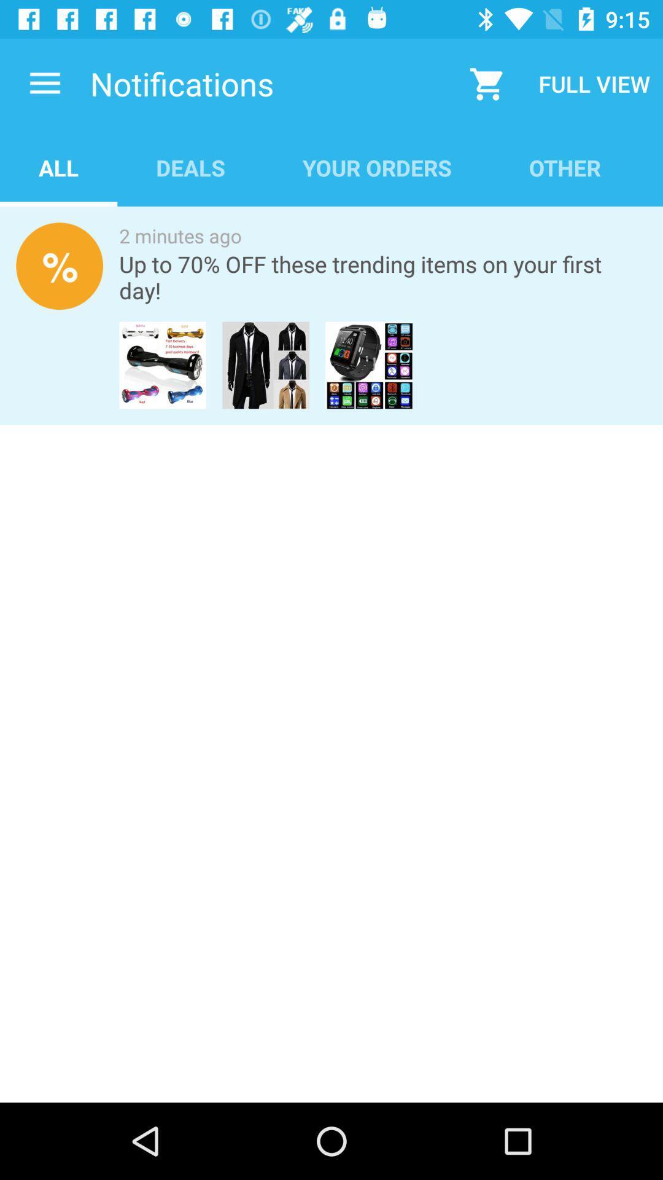 The height and width of the screenshot is (1180, 663). What do you see at coordinates (180, 235) in the screenshot?
I see `icon above the up to 70 item` at bounding box center [180, 235].